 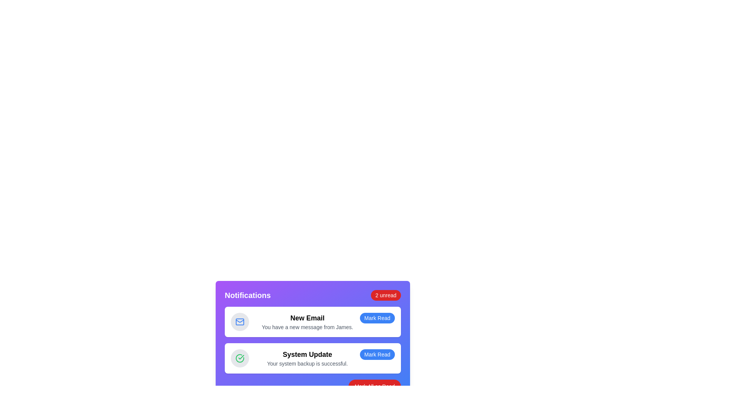 I want to click on the circular icon with a light gray background and a green check mark, which indicates a successful system backup, located to the left of the text 'System Update' and 'Your system backup is successful.', so click(x=240, y=358).